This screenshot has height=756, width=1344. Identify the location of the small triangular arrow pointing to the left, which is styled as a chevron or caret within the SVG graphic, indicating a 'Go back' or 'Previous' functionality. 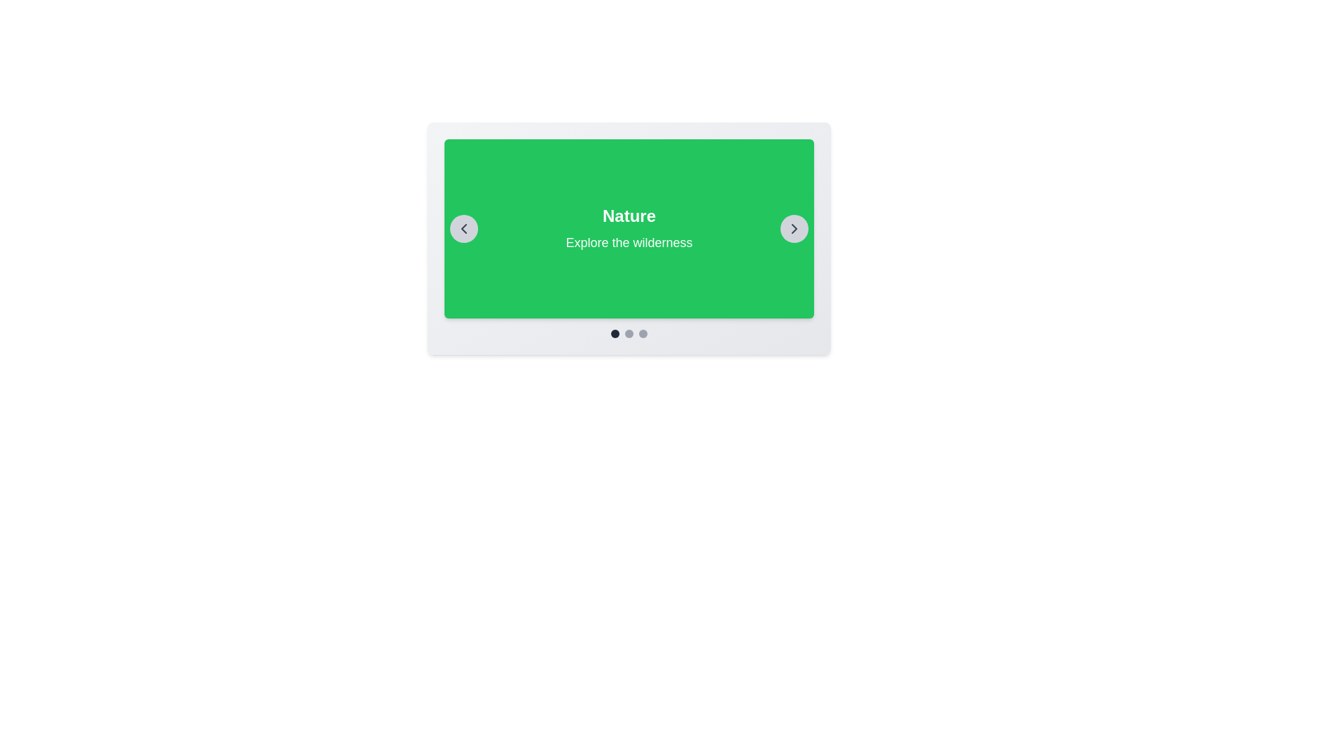
(463, 228).